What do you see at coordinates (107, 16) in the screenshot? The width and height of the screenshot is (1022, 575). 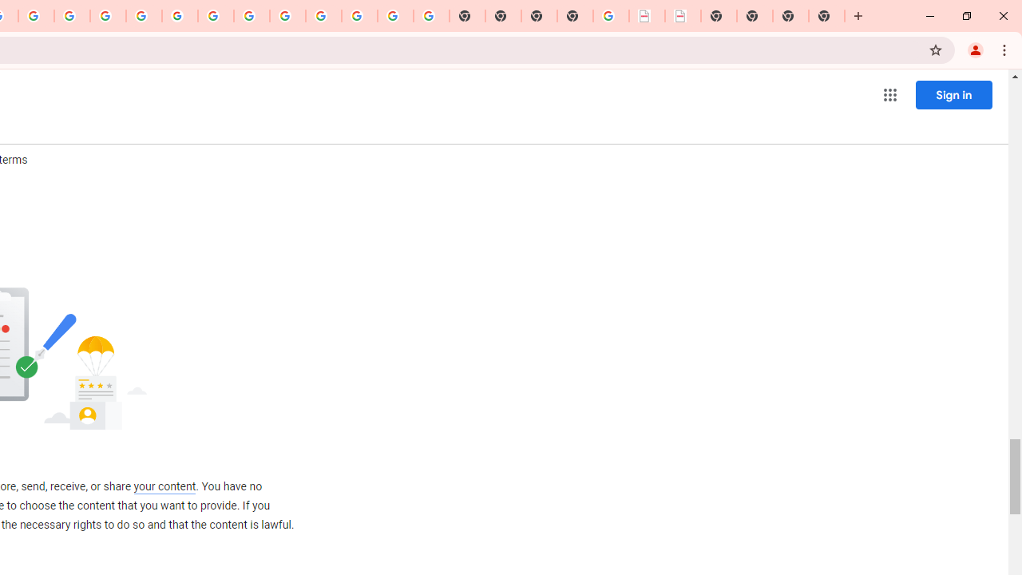 I see `'Privacy Help Center - Policies Help'` at bounding box center [107, 16].